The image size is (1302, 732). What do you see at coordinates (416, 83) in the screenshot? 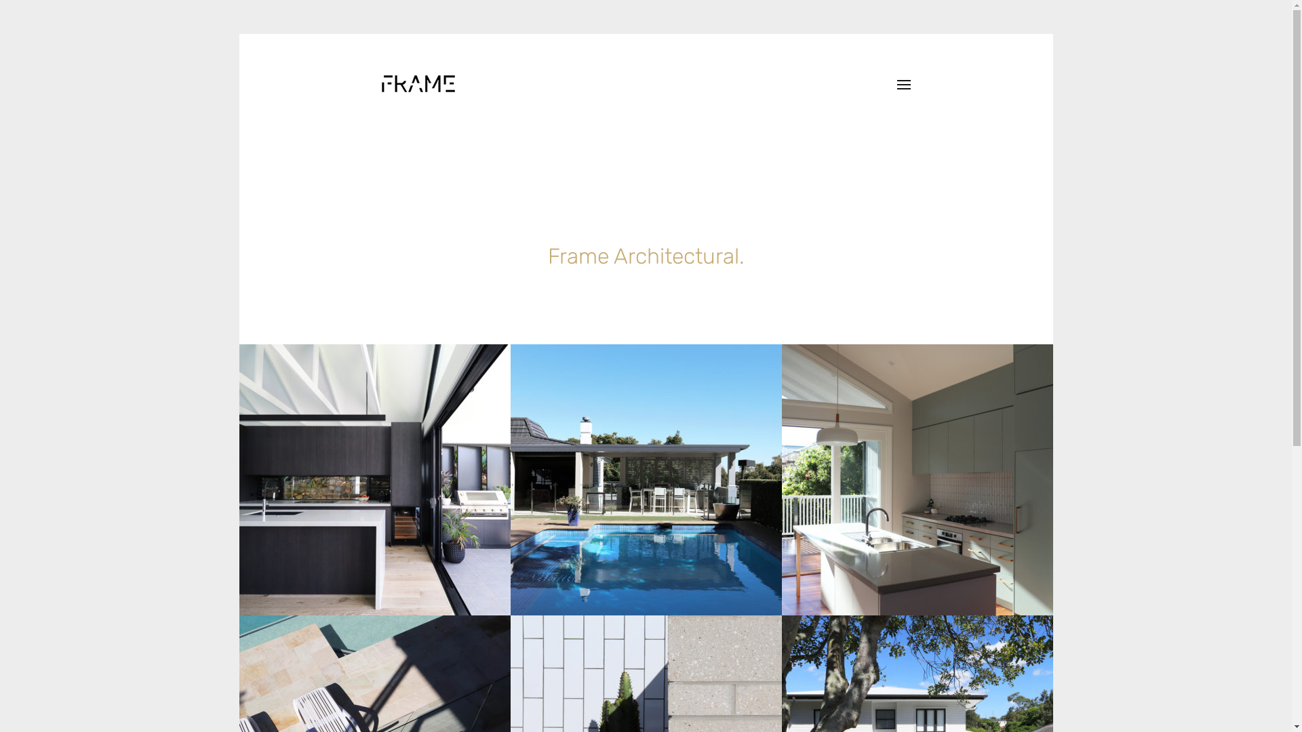
I see `'Frame Architectural'` at bounding box center [416, 83].